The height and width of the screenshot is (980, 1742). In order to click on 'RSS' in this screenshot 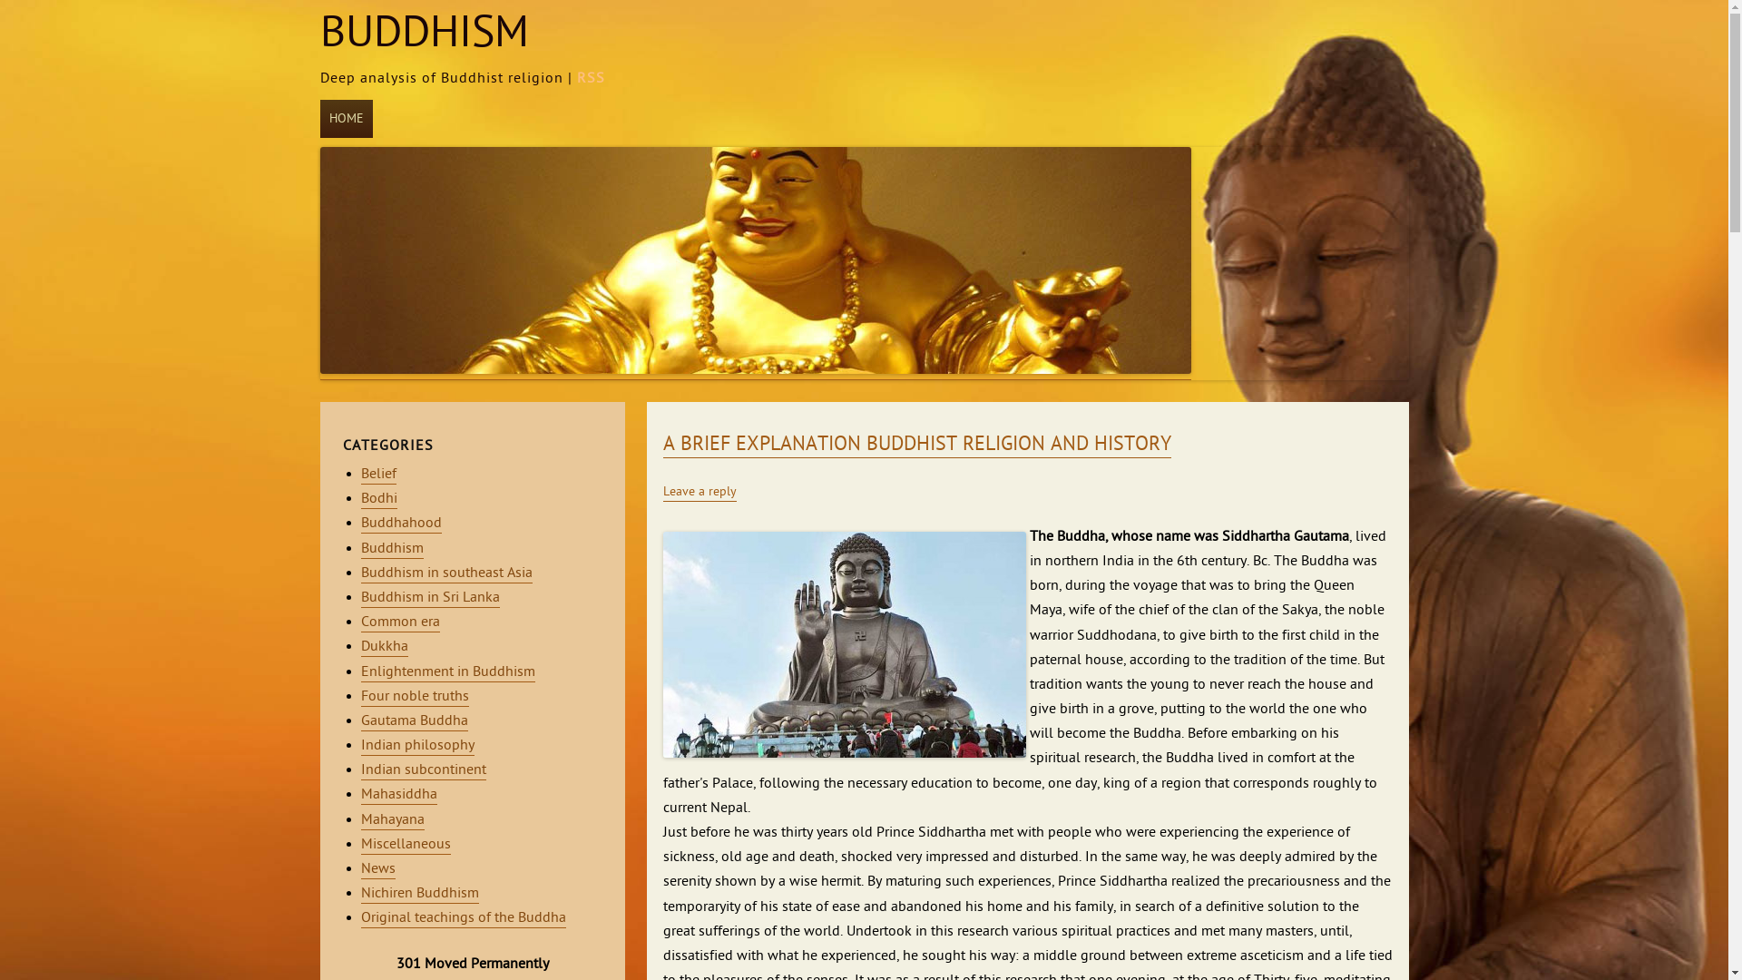, I will do `click(575, 78)`.